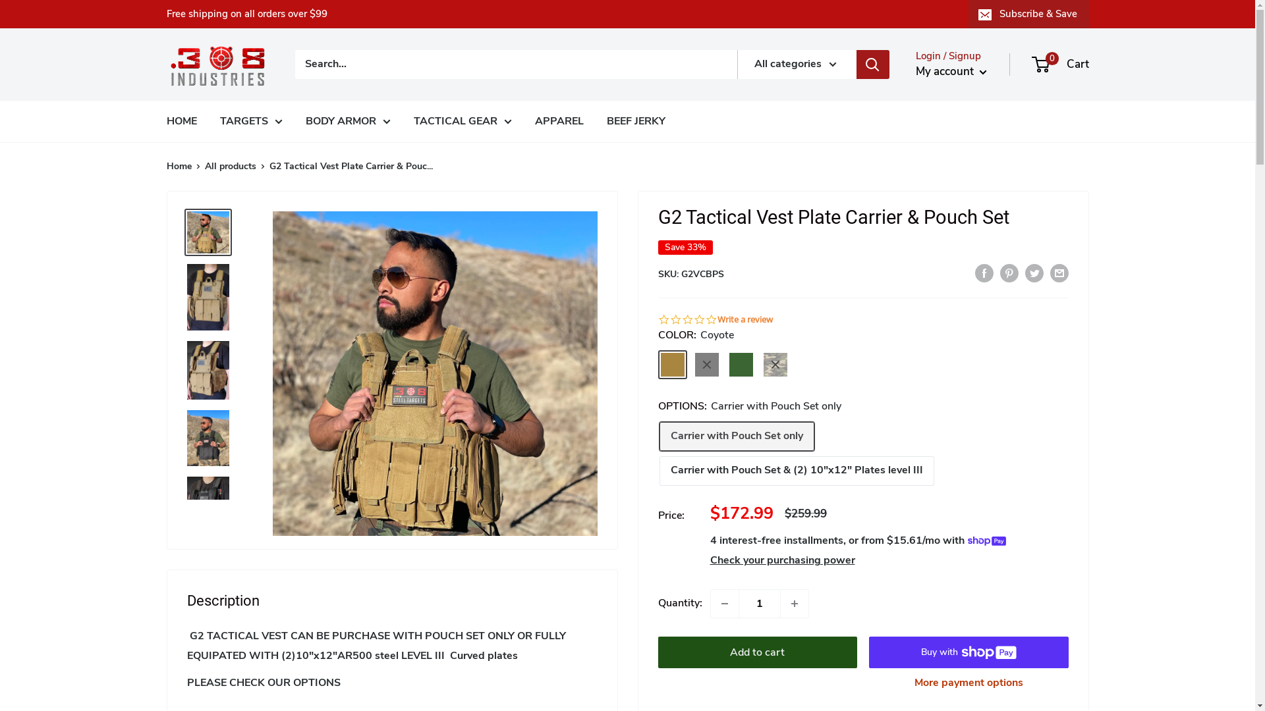  I want to click on 'Subscribe & Save', so click(1028, 13).